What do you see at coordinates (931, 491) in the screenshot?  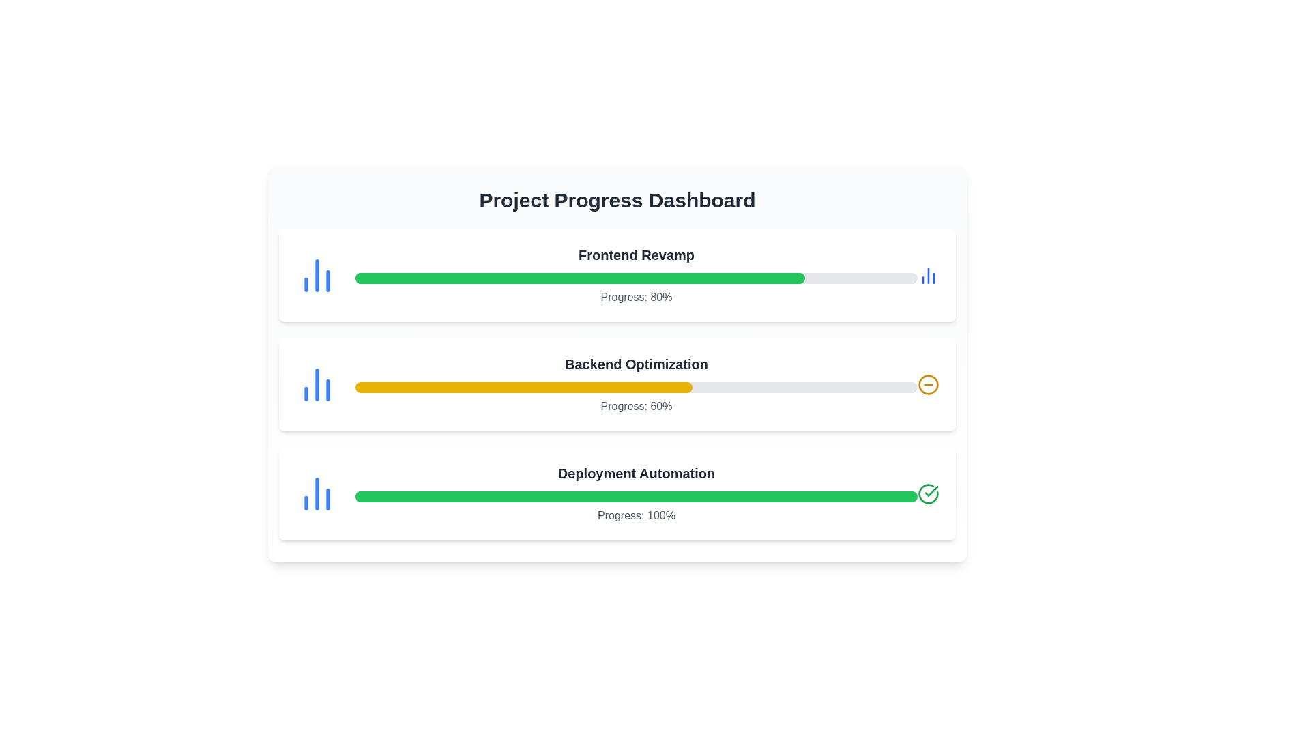 I see `the green checkmark icon located to the far right of the green progress bar labeled 'Deployment Automation' in the 'Project Progress Dashboard'` at bounding box center [931, 491].